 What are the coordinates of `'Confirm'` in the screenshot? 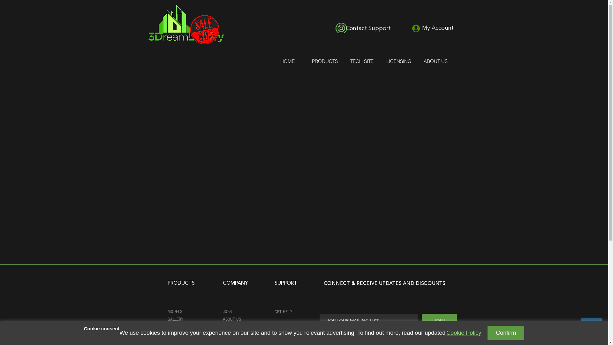 It's located at (505, 332).